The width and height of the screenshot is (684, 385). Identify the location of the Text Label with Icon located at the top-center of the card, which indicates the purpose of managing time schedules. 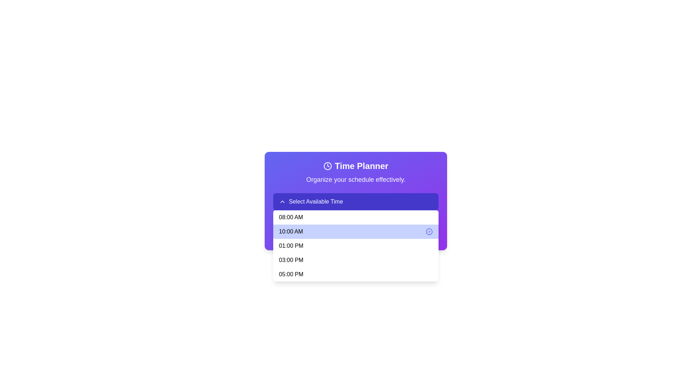
(356, 166).